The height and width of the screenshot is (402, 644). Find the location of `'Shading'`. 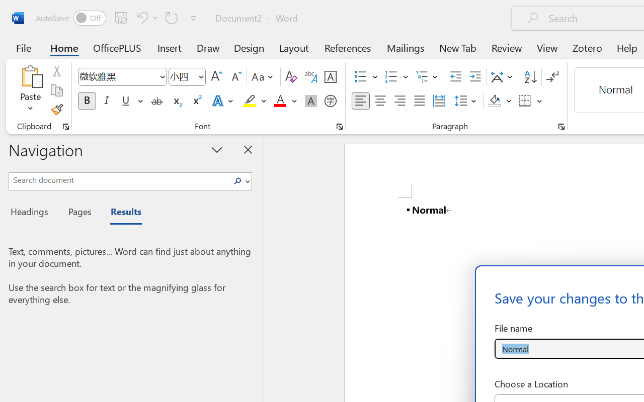

'Shading' is located at coordinates (500, 101).